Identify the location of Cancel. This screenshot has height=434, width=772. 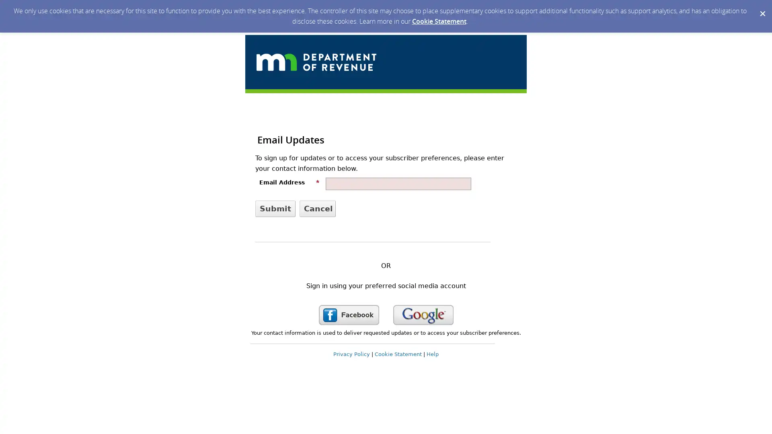
(317, 208).